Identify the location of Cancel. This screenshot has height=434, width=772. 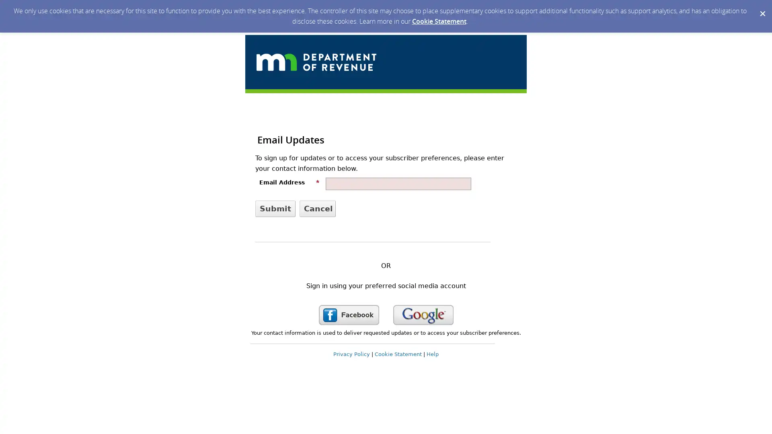
(317, 208).